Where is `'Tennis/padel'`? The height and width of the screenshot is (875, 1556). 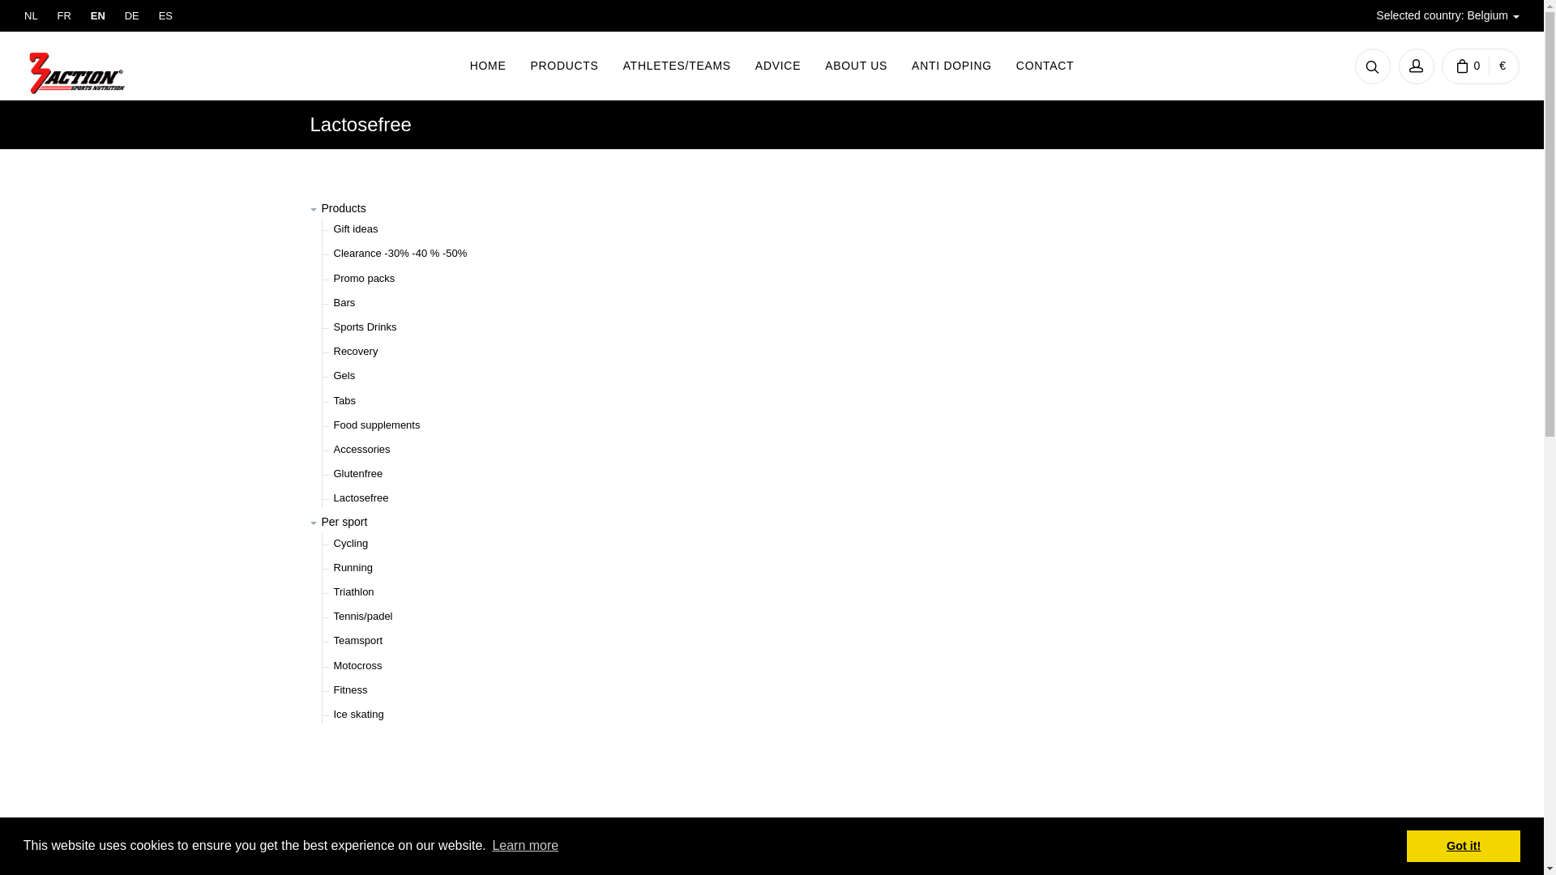 'Tennis/padel' is located at coordinates (362, 616).